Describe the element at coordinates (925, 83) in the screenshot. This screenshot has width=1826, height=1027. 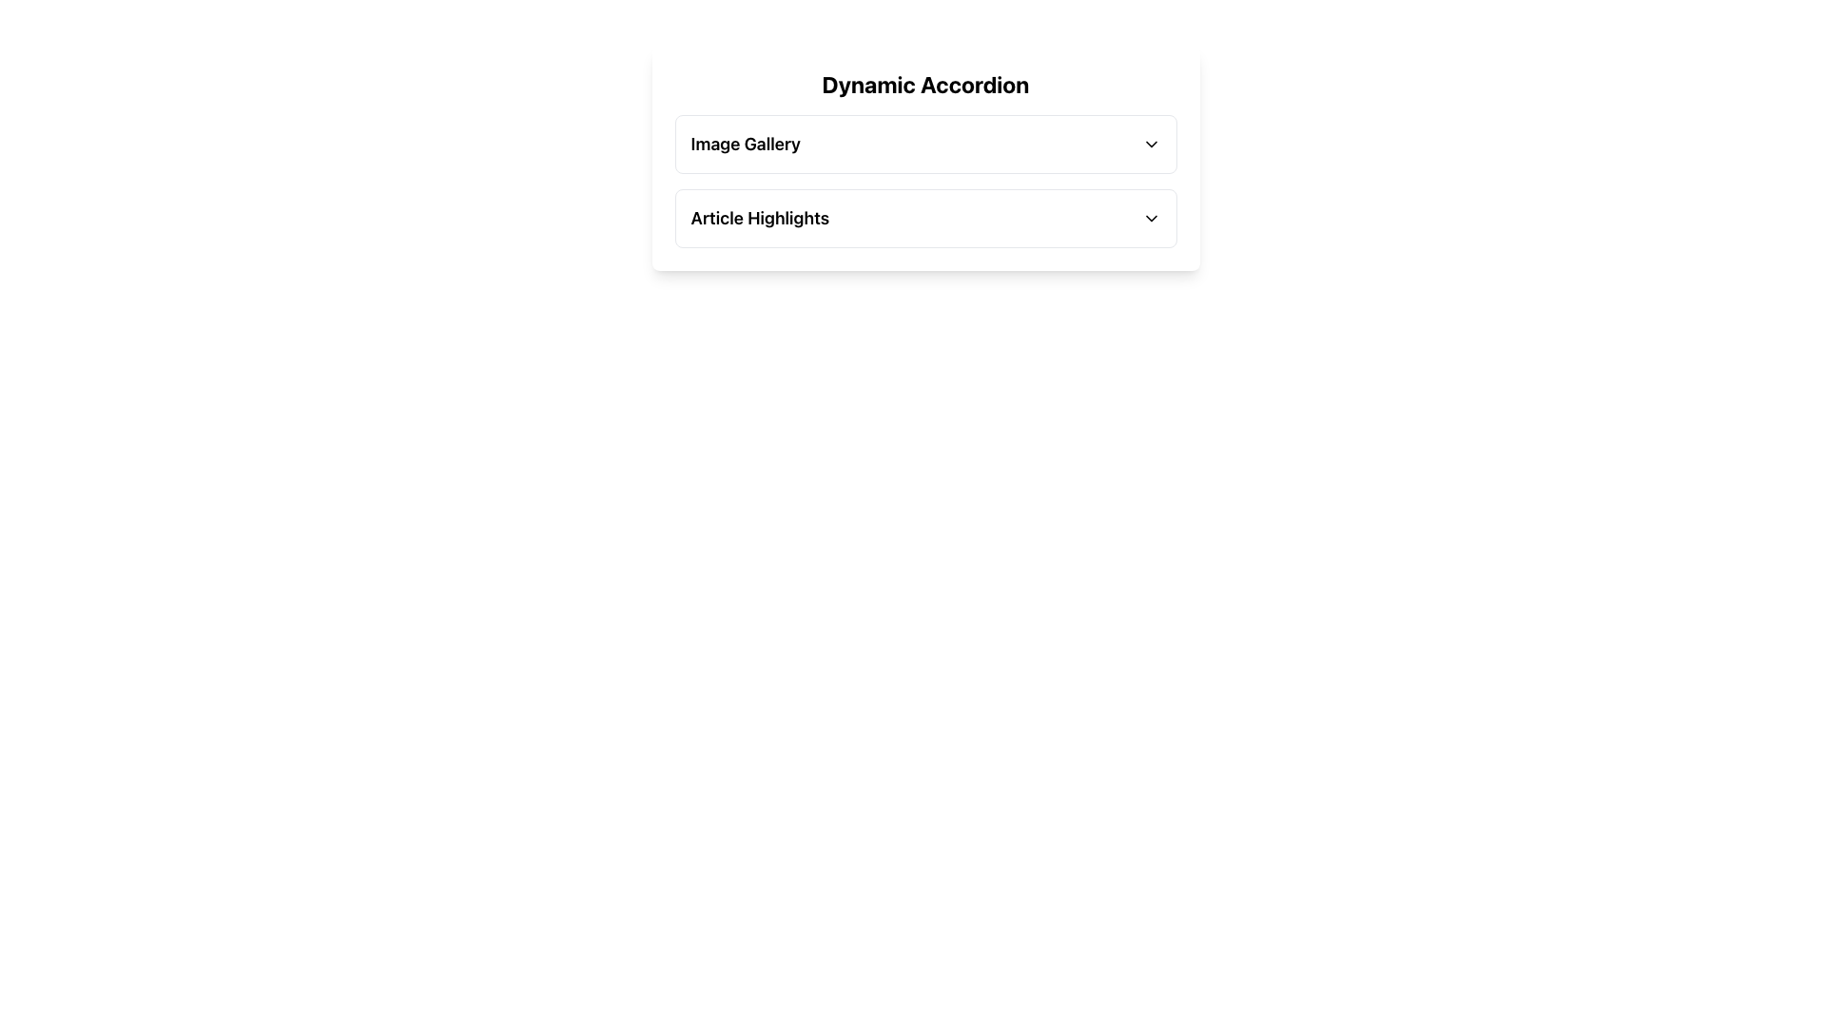
I see `the bold, large text label displaying 'Dynamic Accordion' at the top of the white rectangular card` at that location.